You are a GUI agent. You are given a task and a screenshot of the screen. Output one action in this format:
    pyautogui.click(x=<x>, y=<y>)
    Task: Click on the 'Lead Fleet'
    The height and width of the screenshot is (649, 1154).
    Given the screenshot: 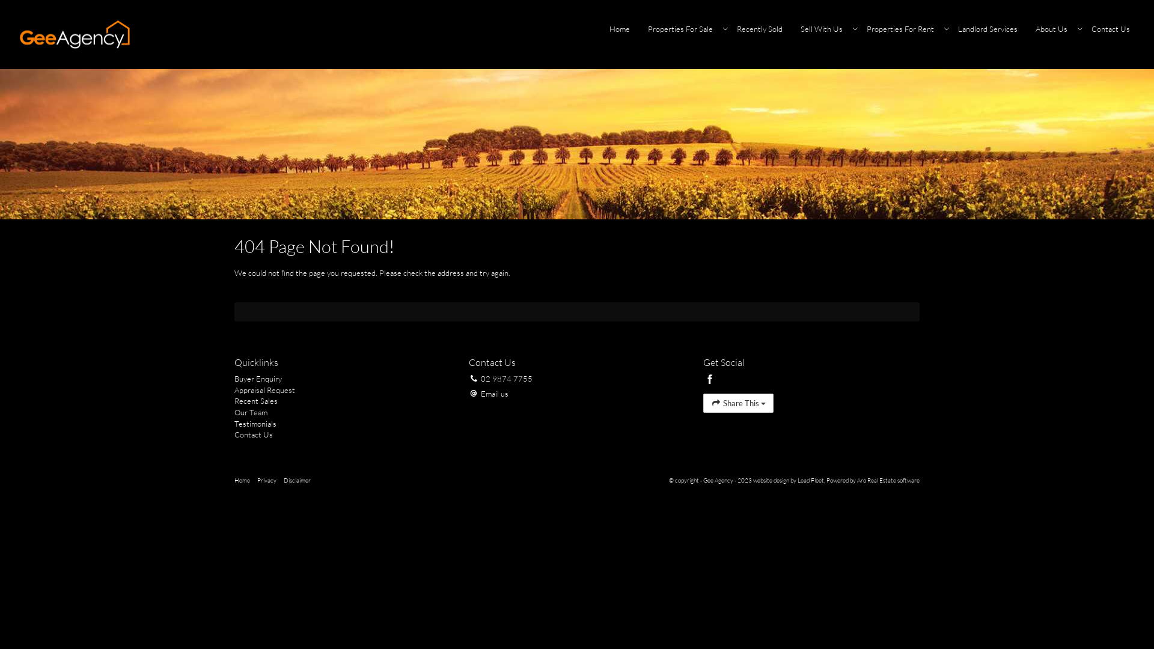 What is the action you would take?
    pyautogui.click(x=797, y=480)
    